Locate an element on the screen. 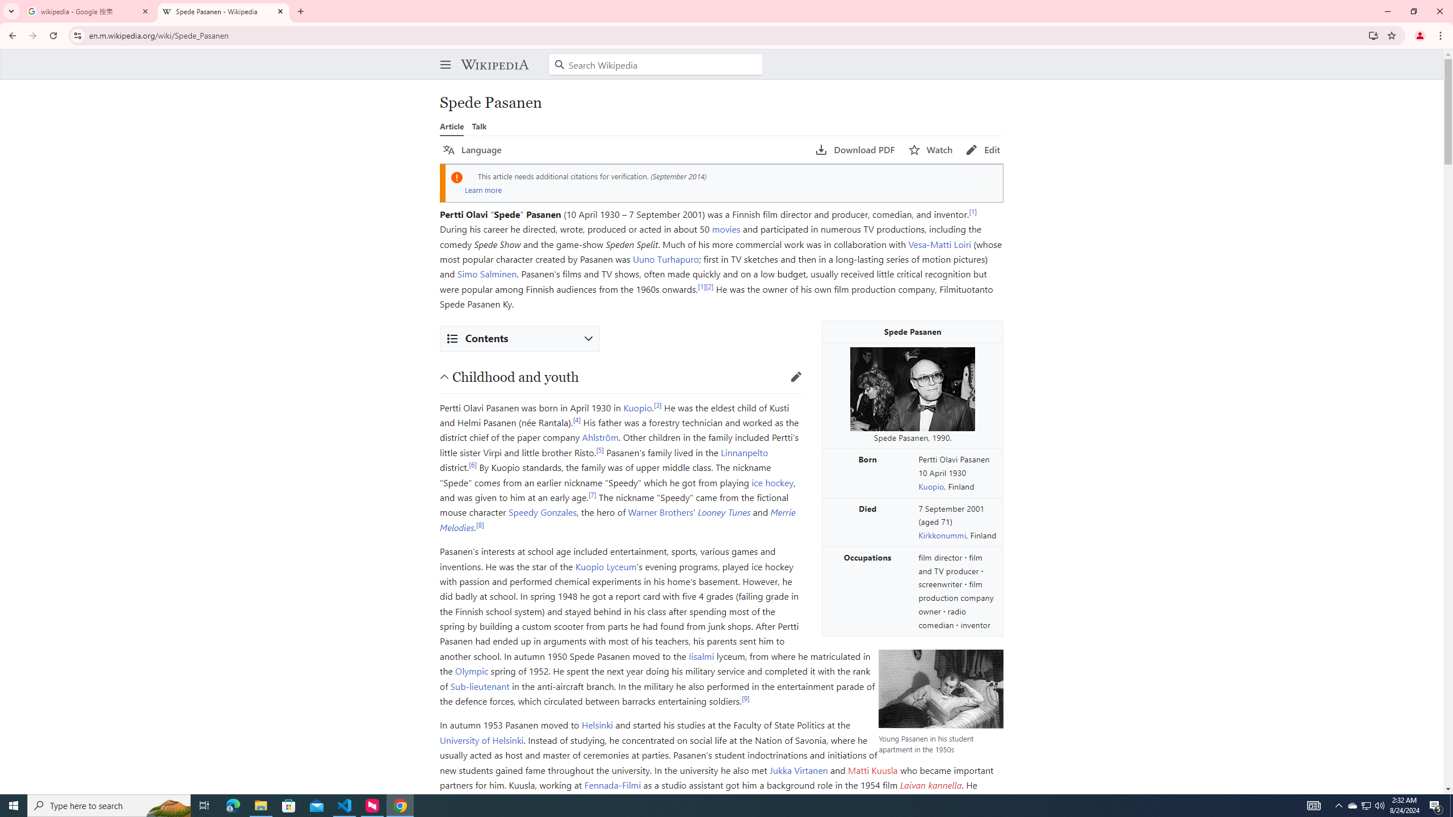 This screenshot has height=817, width=1453. 'Iisalmi' is located at coordinates (701, 655).